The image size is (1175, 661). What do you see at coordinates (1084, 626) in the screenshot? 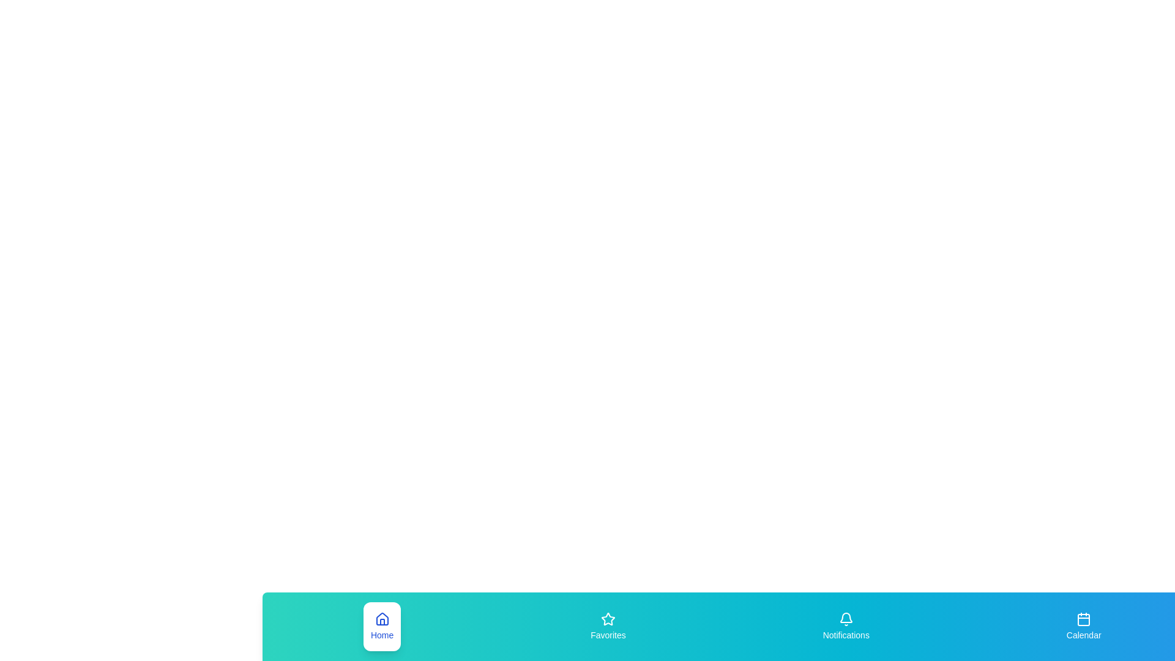
I see `the Calendar button to inspect its tooltip` at bounding box center [1084, 626].